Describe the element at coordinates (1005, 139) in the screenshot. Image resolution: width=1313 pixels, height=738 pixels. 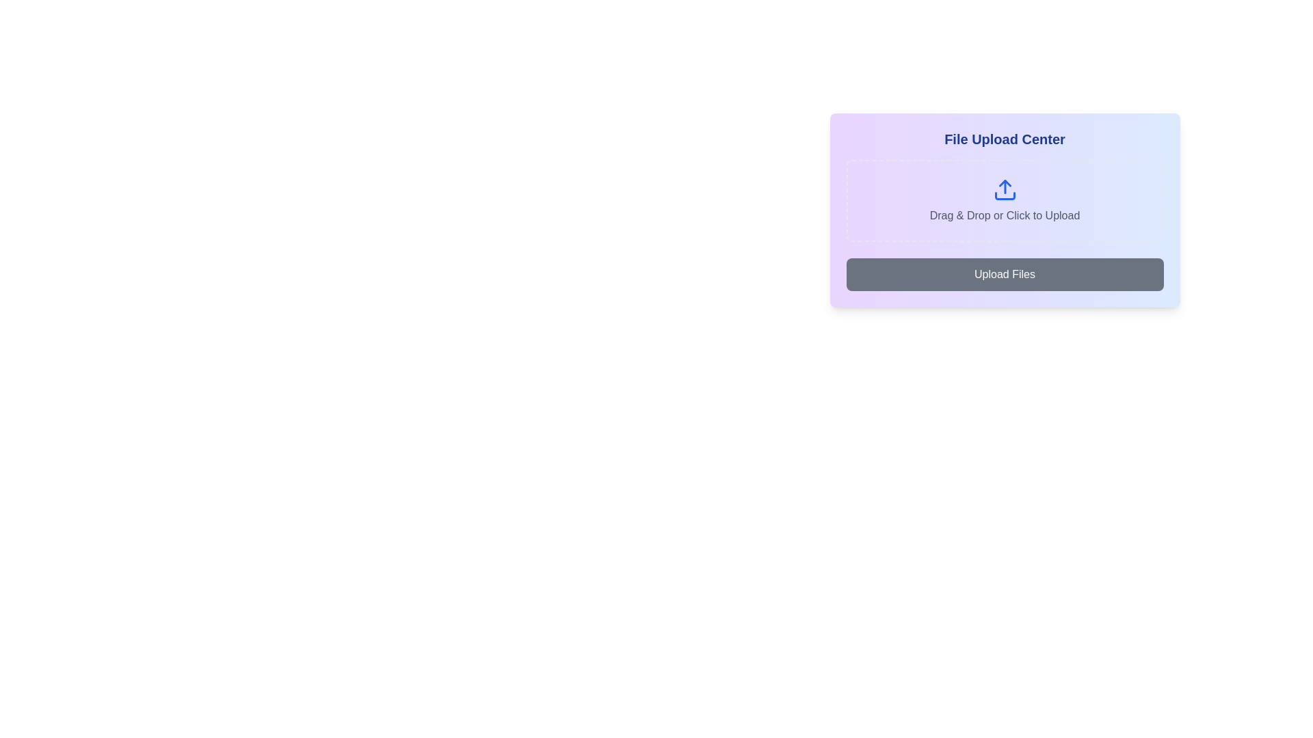
I see `the text header labeled 'File Upload Center', which is styled in bold, extra-large blue font and located at the top of a card-like section with a gradient background` at that location.